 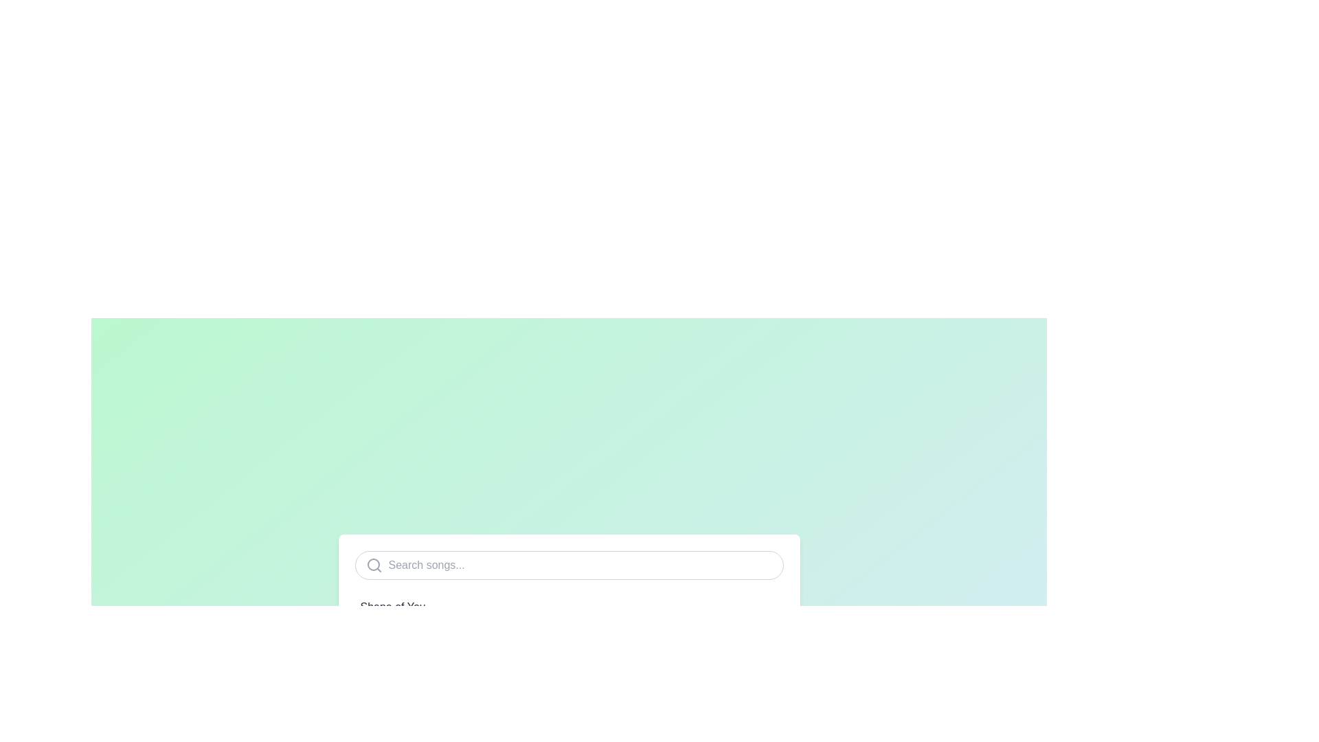 What do you see at coordinates (569, 614) in the screenshot?
I see `the first list item displaying 'Shape of You' by Ed Sheeran` at bounding box center [569, 614].